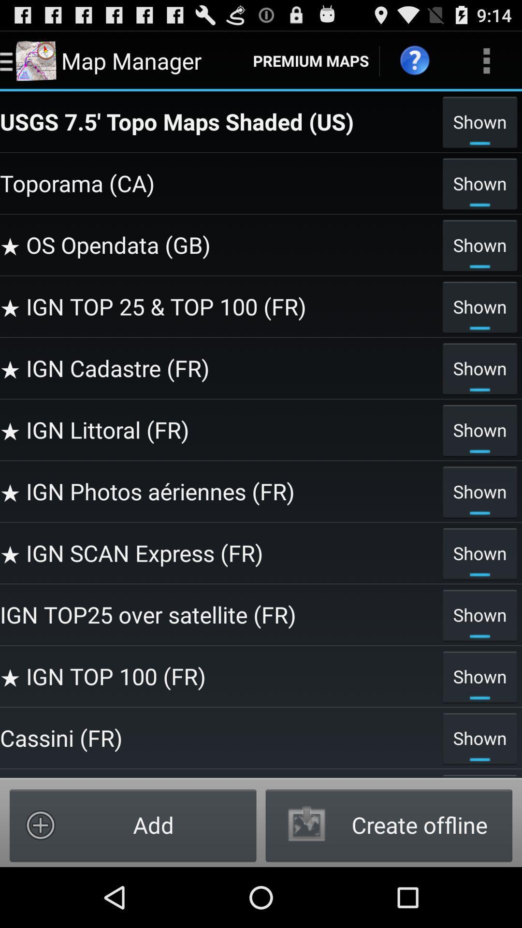 Image resolution: width=522 pixels, height=928 pixels. I want to click on usgs 7 5 item, so click(218, 121).